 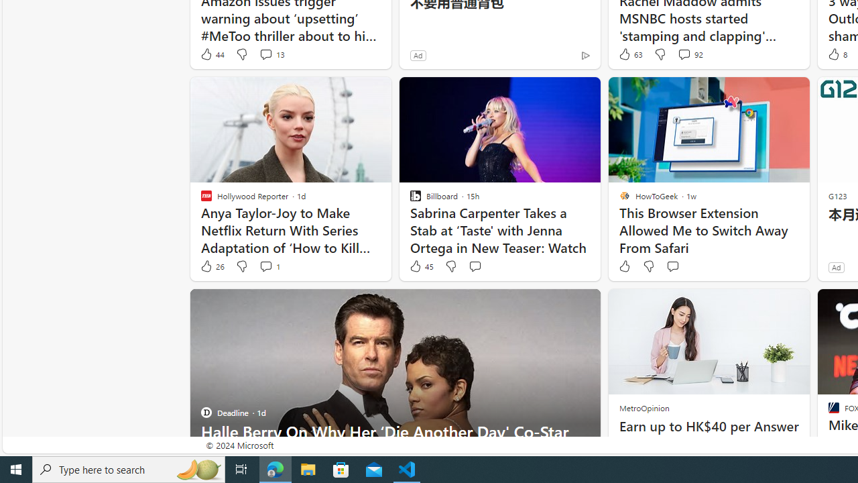 What do you see at coordinates (211, 266) in the screenshot?
I see `'26 Like'` at bounding box center [211, 266].